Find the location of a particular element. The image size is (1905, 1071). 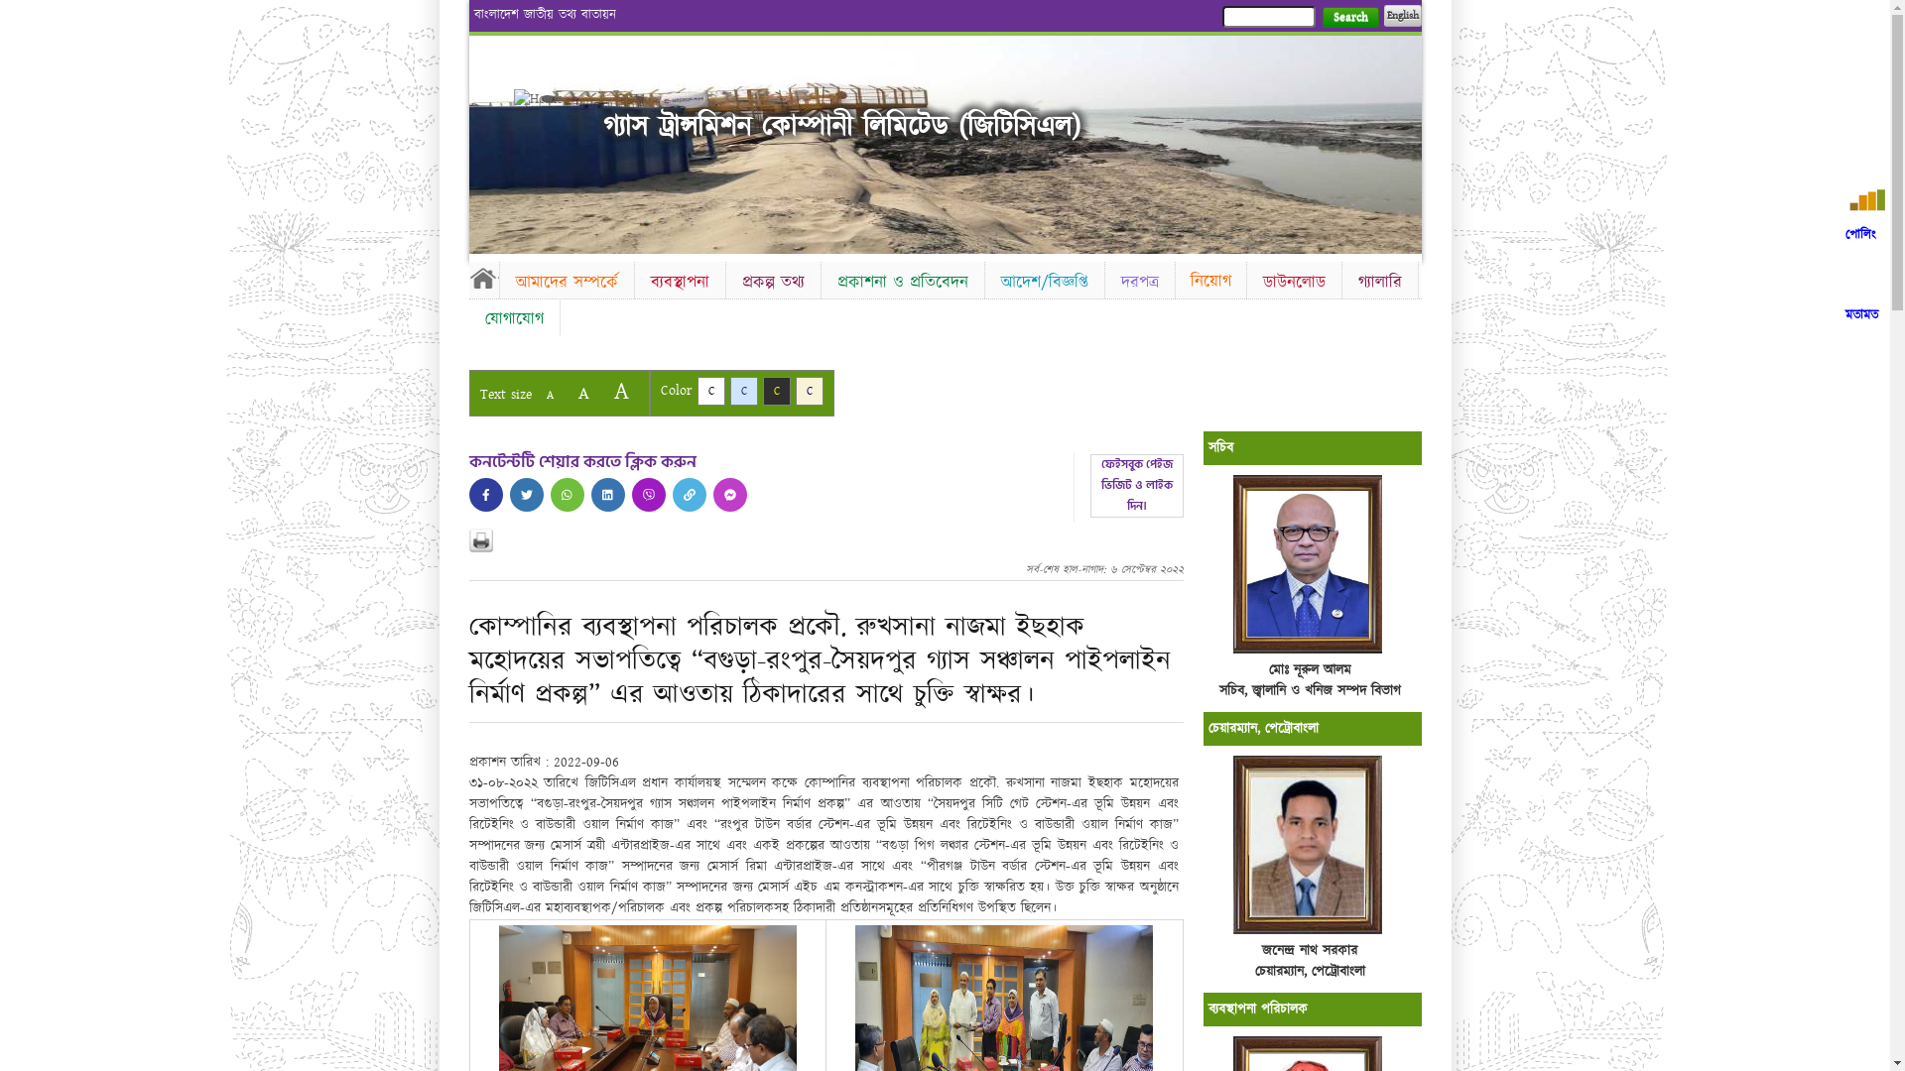

'C' is located at coordinates (742, 391).